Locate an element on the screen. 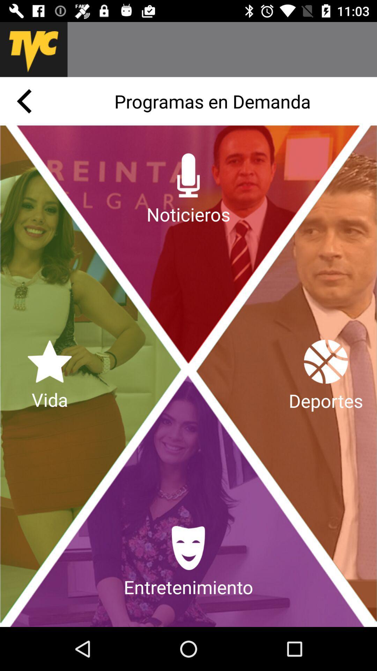 The width and height of the screenshot is (377, 671). search is located at coordinates (222, 49).